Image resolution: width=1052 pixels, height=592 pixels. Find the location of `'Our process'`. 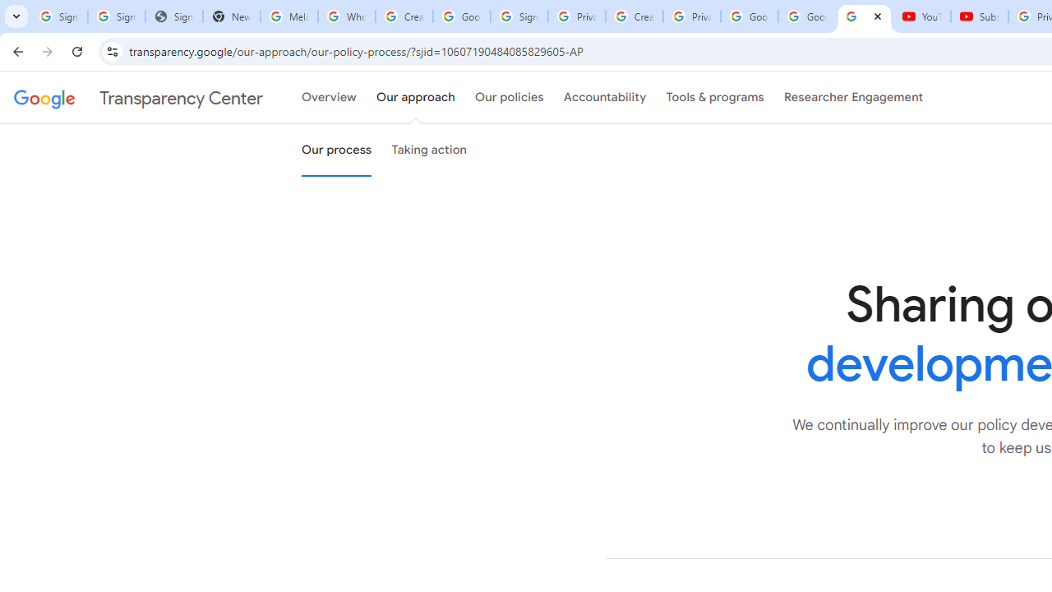

'Our process' is located at coordinates (335, 150).